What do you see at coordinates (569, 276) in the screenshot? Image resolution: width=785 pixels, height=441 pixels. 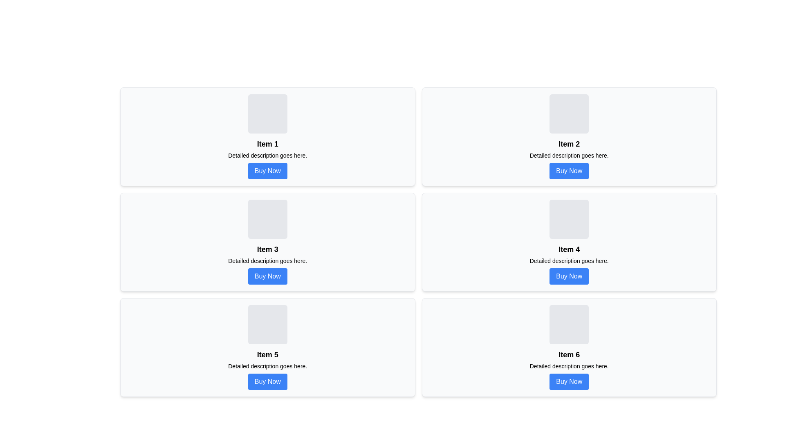 I see `the call-to-action button for 'Item 4'` at bounding box center [569, 276].